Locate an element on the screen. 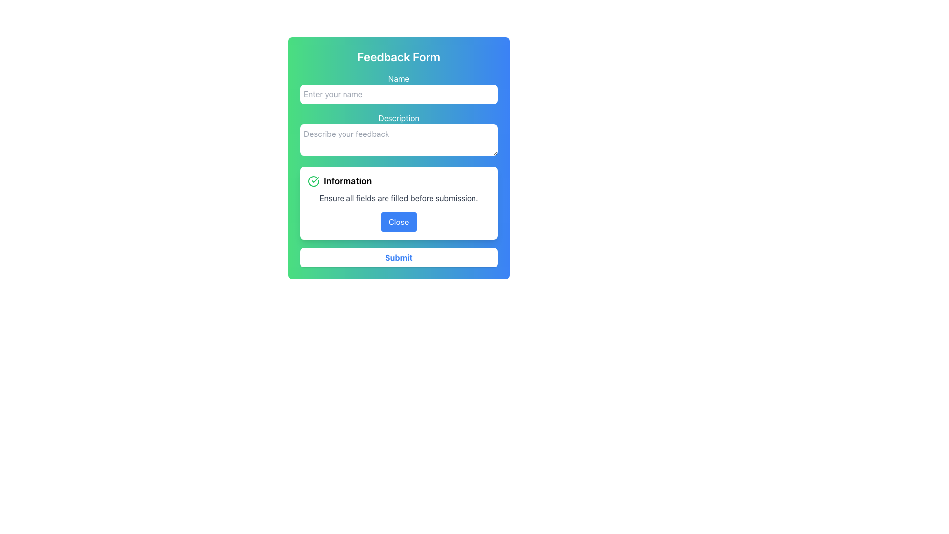 This screenshot has width=949, height=534. the label with the text 'Description', which is styled in white font and positioned on a gradient background, located above the input box is located at coordinates (398, 118).